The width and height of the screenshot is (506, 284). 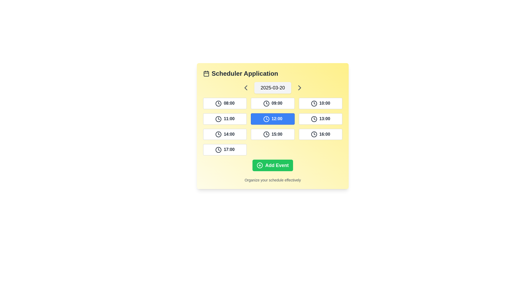 What do you see at coordinates (206, 74) in the screenshot?
I see `the Calendar icon located at the top left of the 'Scheduler Application' interface, which serves as a decorative element indicating a date or schedule` at bounding box center [206, 74].